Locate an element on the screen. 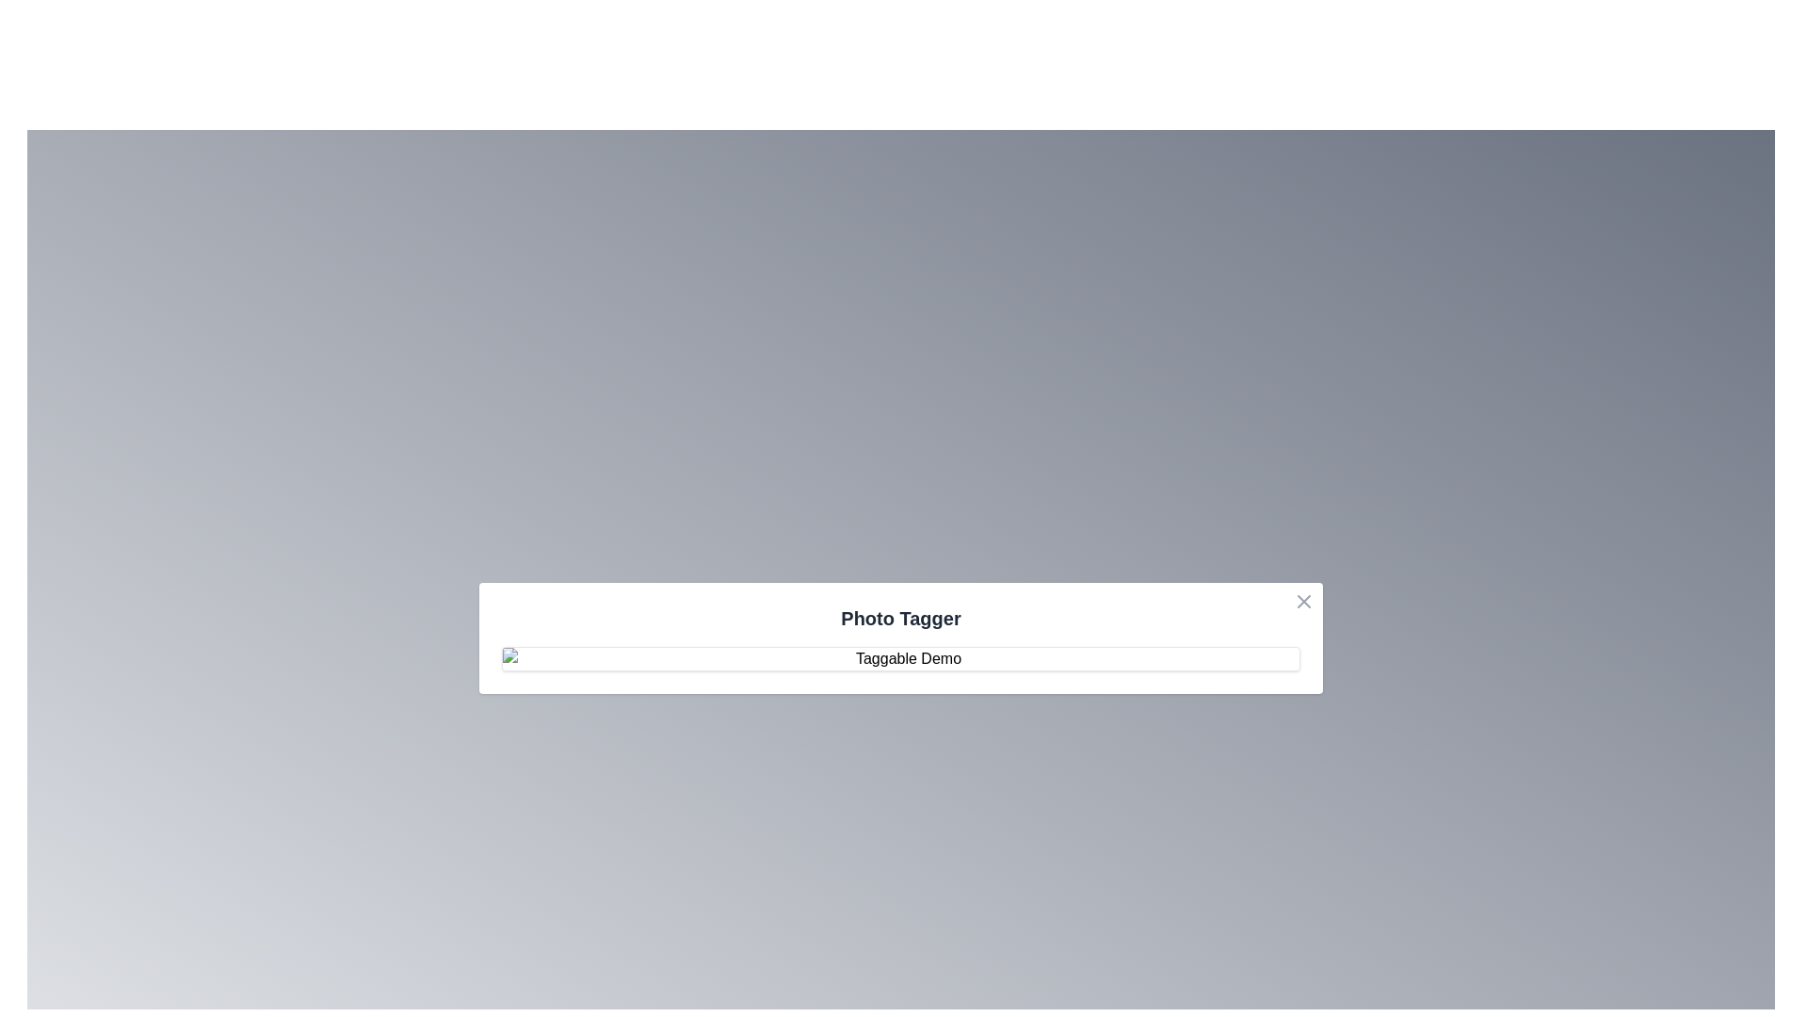 This screenshot has width=1808, height=1017. close button located at the top-right corner of the dialog is located at coordinates (1303, 602).